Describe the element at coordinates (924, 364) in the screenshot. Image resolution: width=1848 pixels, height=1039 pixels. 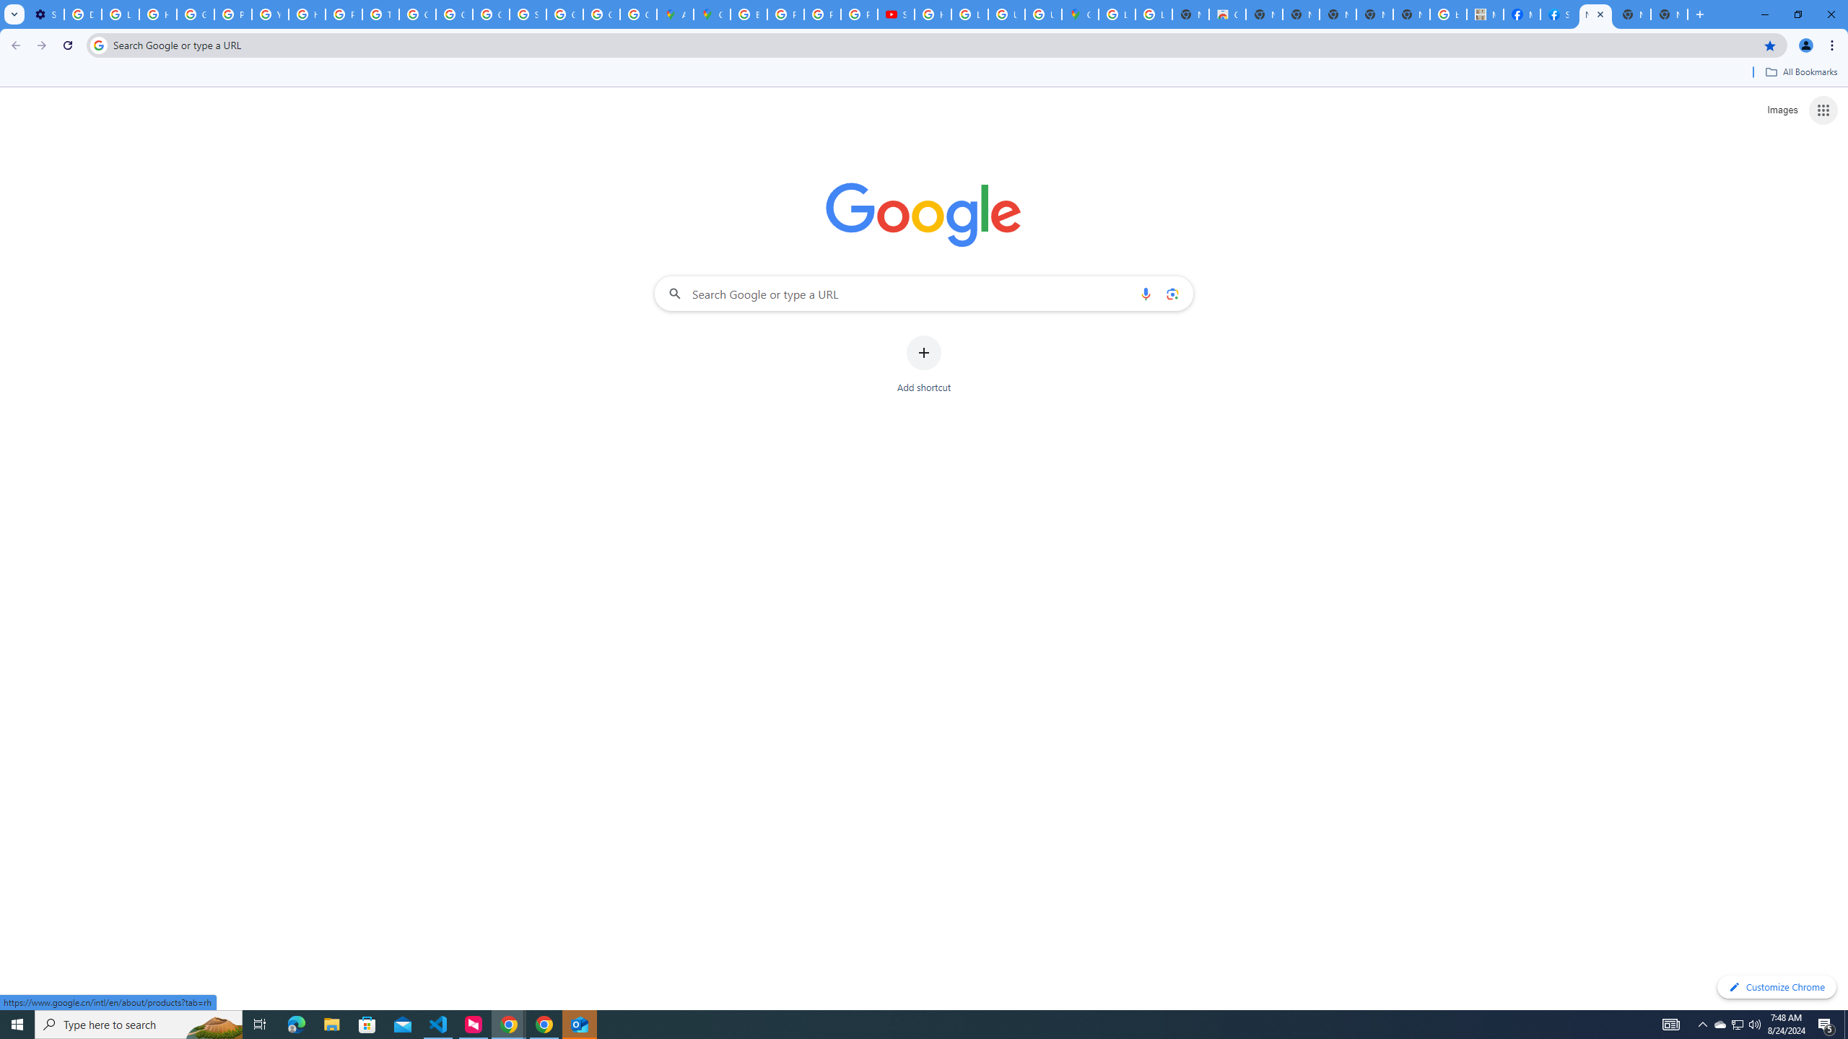
I see `'Add shortcut'` at that location.